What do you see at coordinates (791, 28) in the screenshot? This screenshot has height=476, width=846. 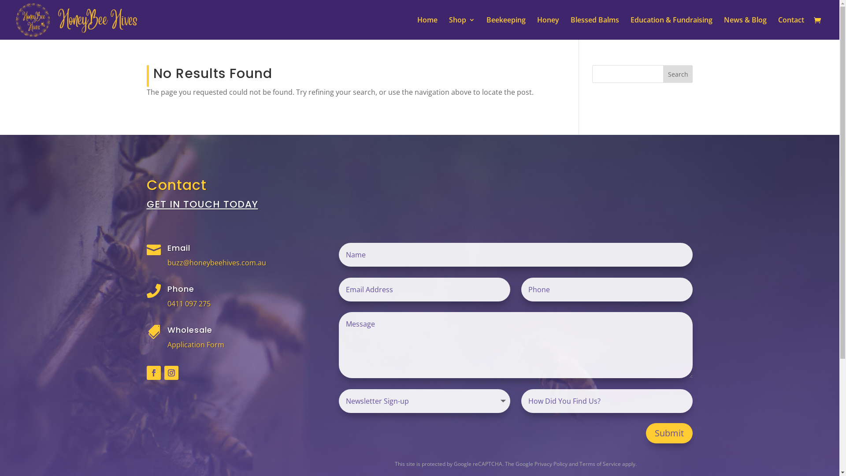 I see `'Contact'` at bounding box center [791, 28].